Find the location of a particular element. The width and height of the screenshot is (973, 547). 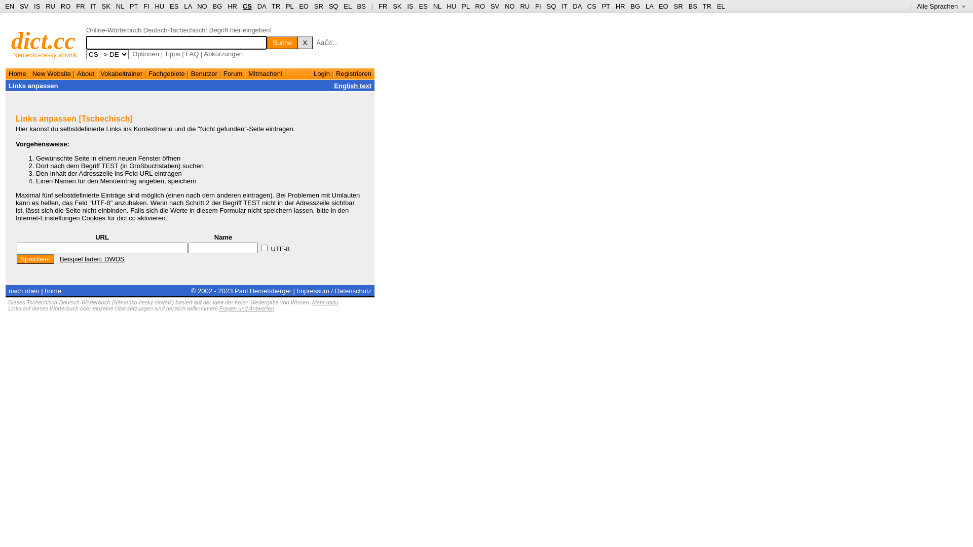

'nach oben' is located at coordinates (24, 290).